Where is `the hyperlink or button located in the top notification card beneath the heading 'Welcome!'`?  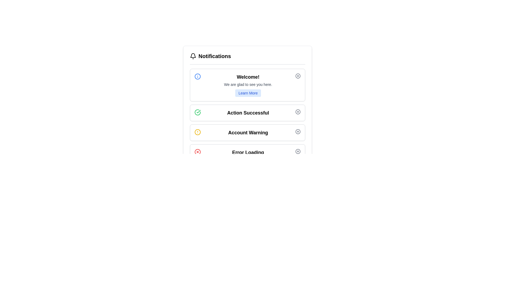 the hyperlink or button located in the top notification card beneath the heading 'Welcome!' is located at coordinates (248, 93).